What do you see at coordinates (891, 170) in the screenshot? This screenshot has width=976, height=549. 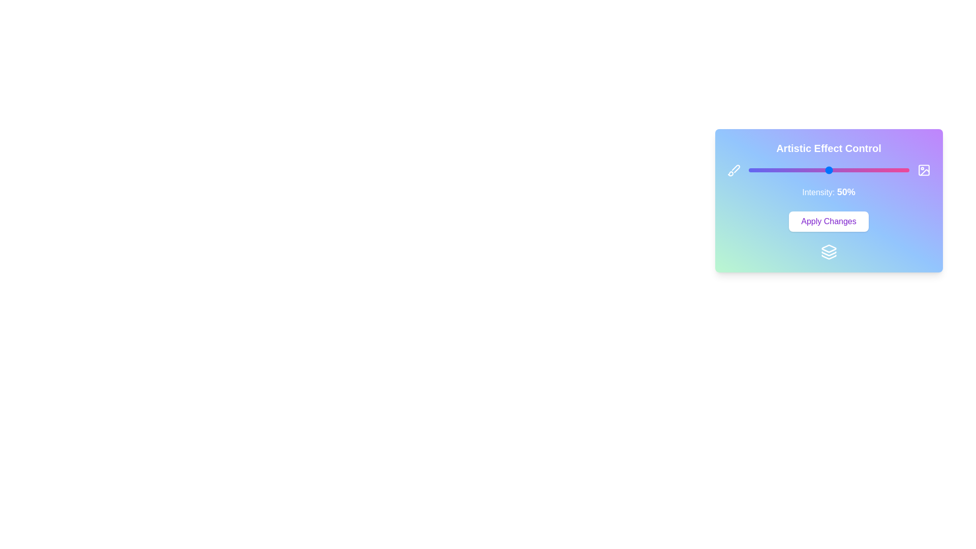 I see `the slider to set the intensity to 89%` at bounding box center [891, 170].